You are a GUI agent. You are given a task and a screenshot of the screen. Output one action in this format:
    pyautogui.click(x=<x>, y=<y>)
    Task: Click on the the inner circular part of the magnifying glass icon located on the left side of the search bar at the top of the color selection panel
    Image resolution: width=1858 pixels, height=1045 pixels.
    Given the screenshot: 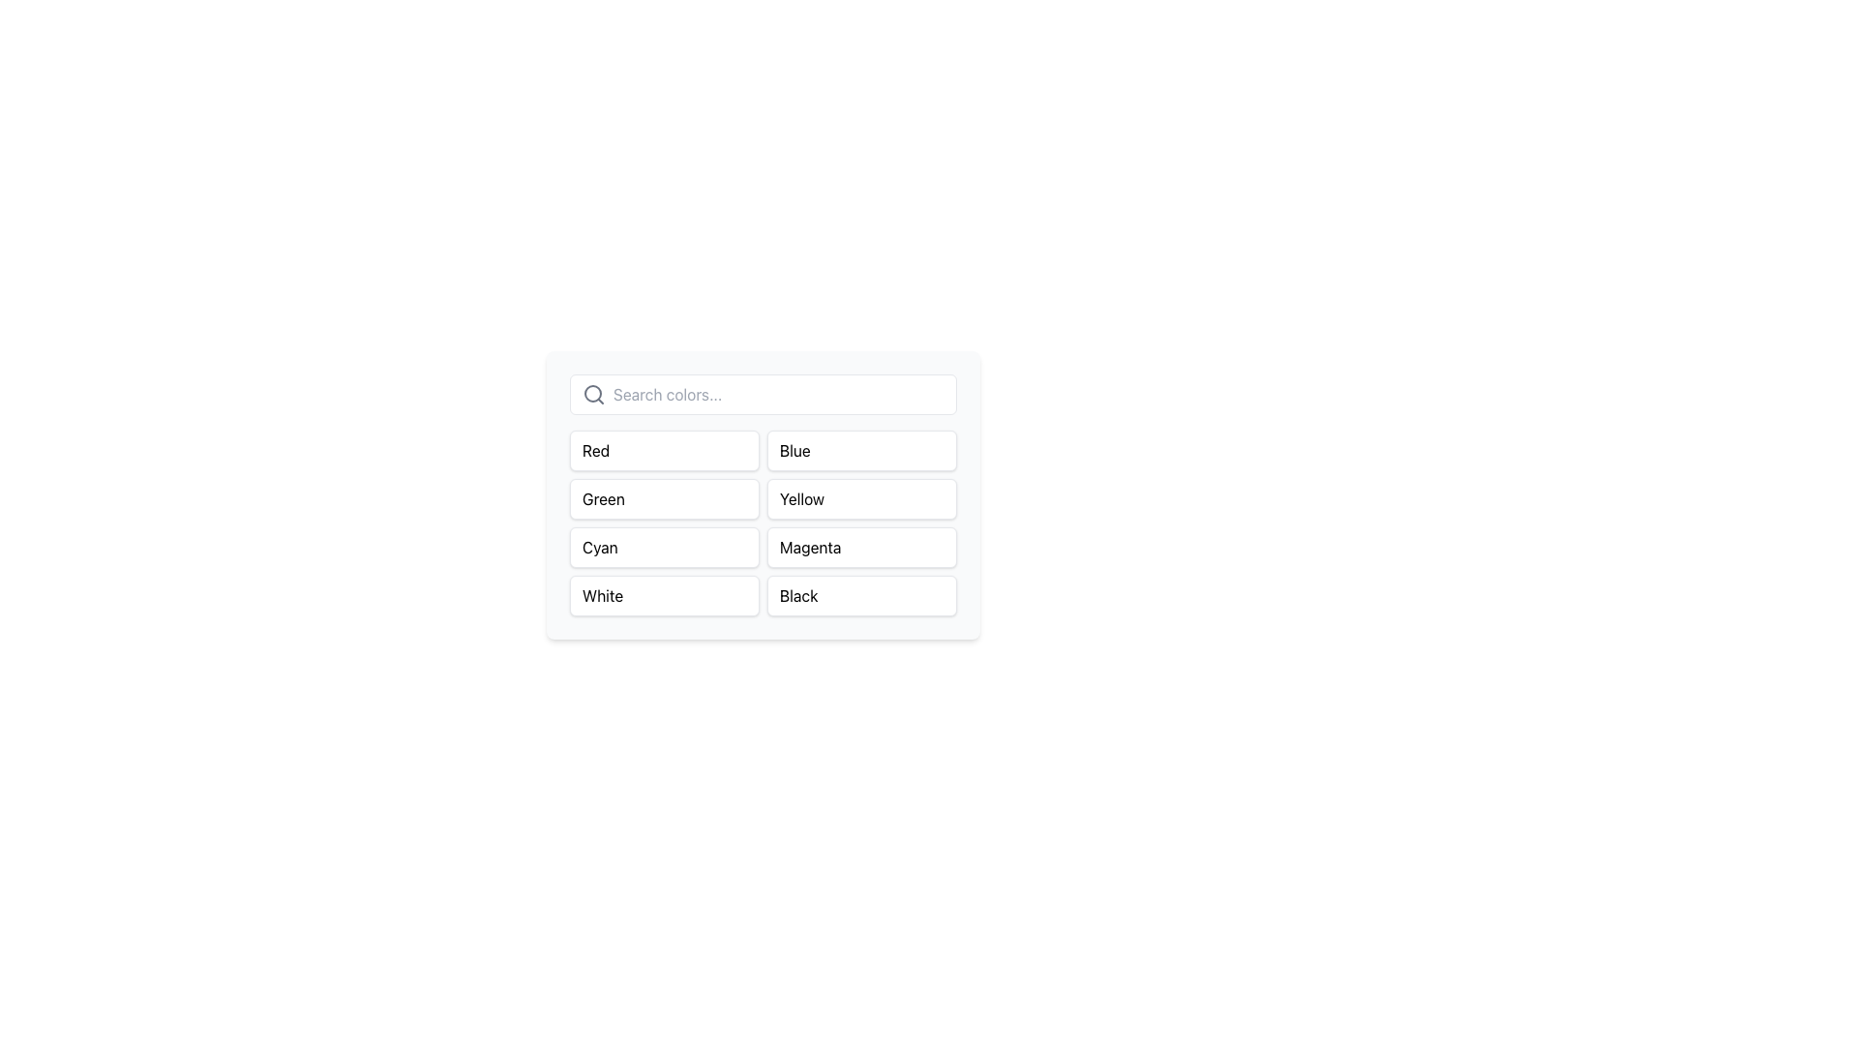 What is the action you would take?
    pyautogui.click(x=592, y=393)
    